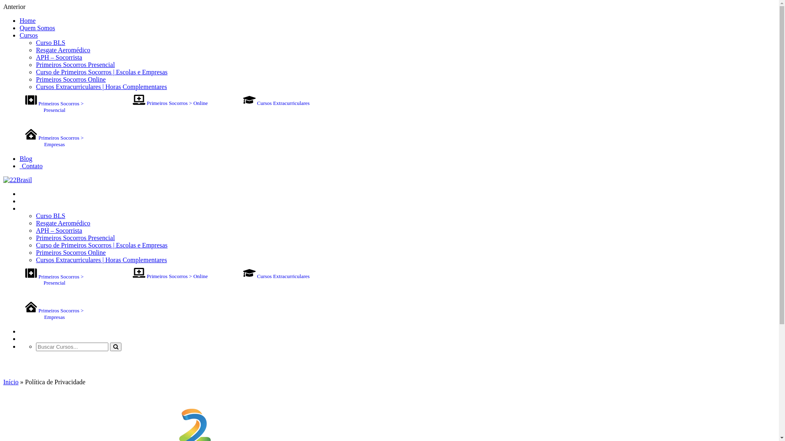  Describe the element at coordinates (18, 179) in the screenshot. I see `'22Brasil - Cursos de Primeiros Socorros'` at that location.